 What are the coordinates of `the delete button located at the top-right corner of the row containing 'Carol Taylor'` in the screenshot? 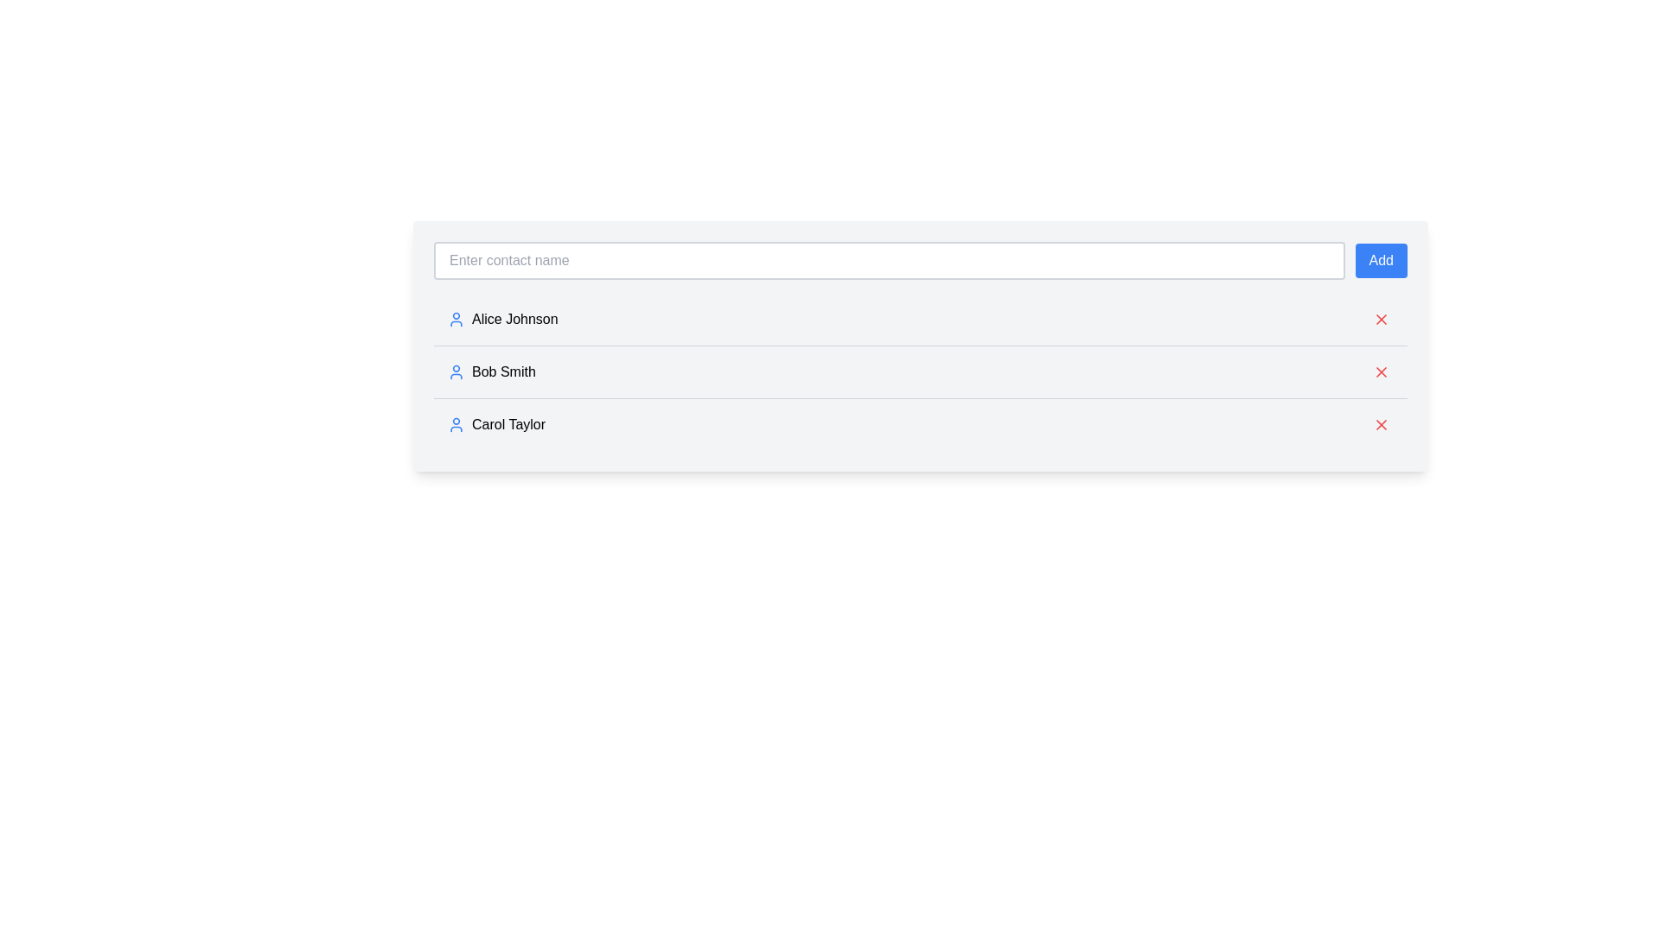 It's located at (1381, 425).